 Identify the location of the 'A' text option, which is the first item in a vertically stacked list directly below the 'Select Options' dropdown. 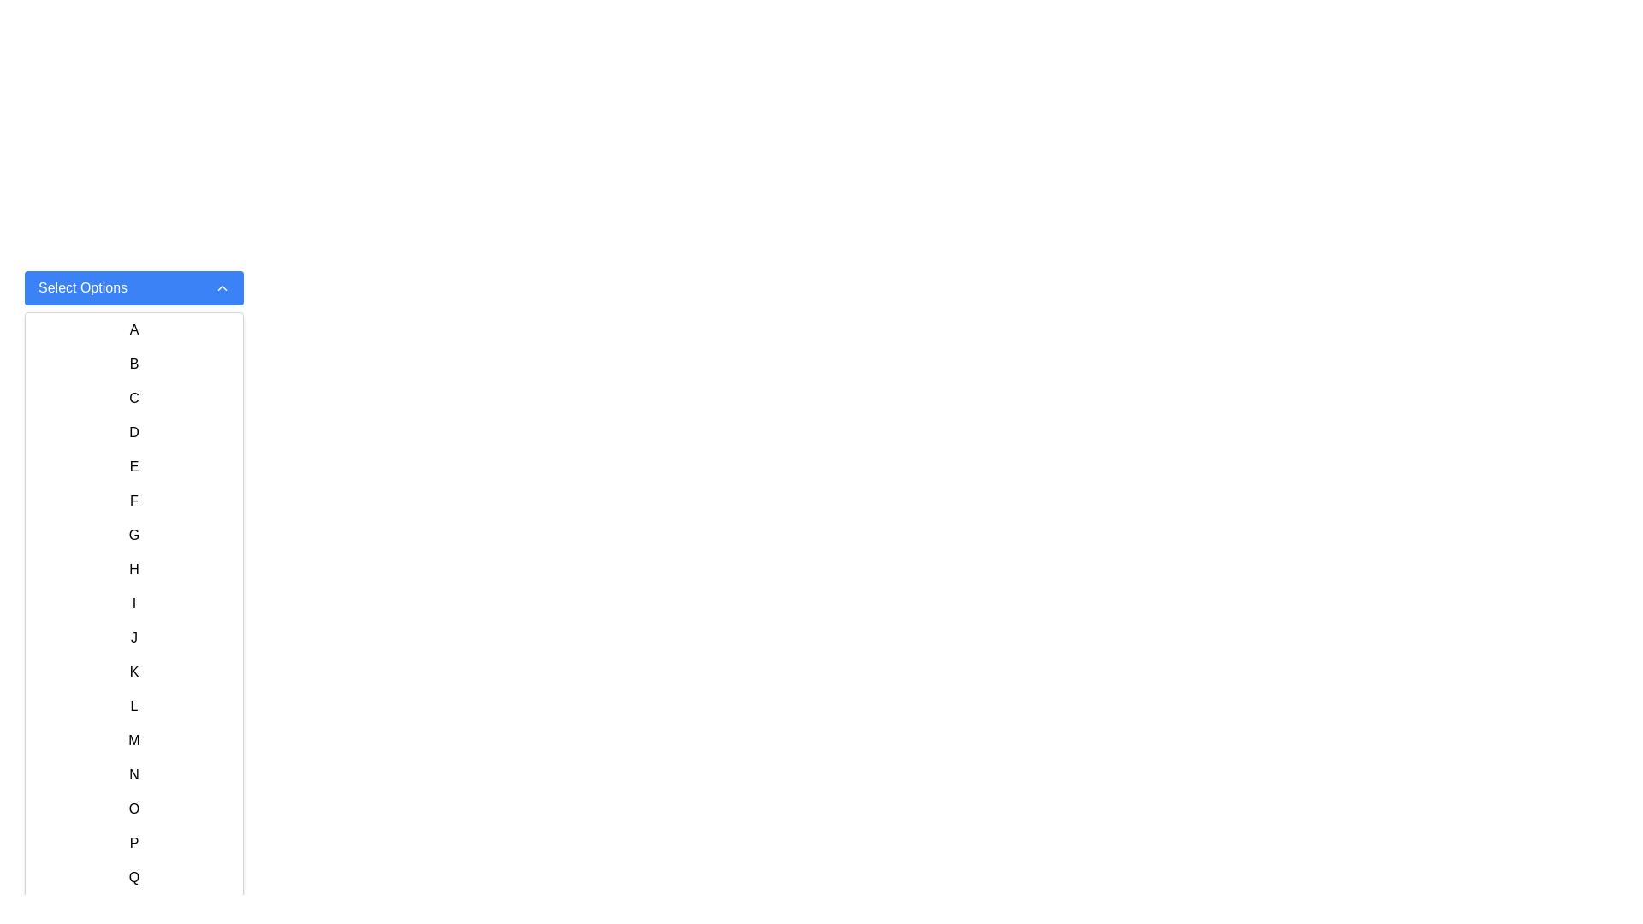
(133, 329).